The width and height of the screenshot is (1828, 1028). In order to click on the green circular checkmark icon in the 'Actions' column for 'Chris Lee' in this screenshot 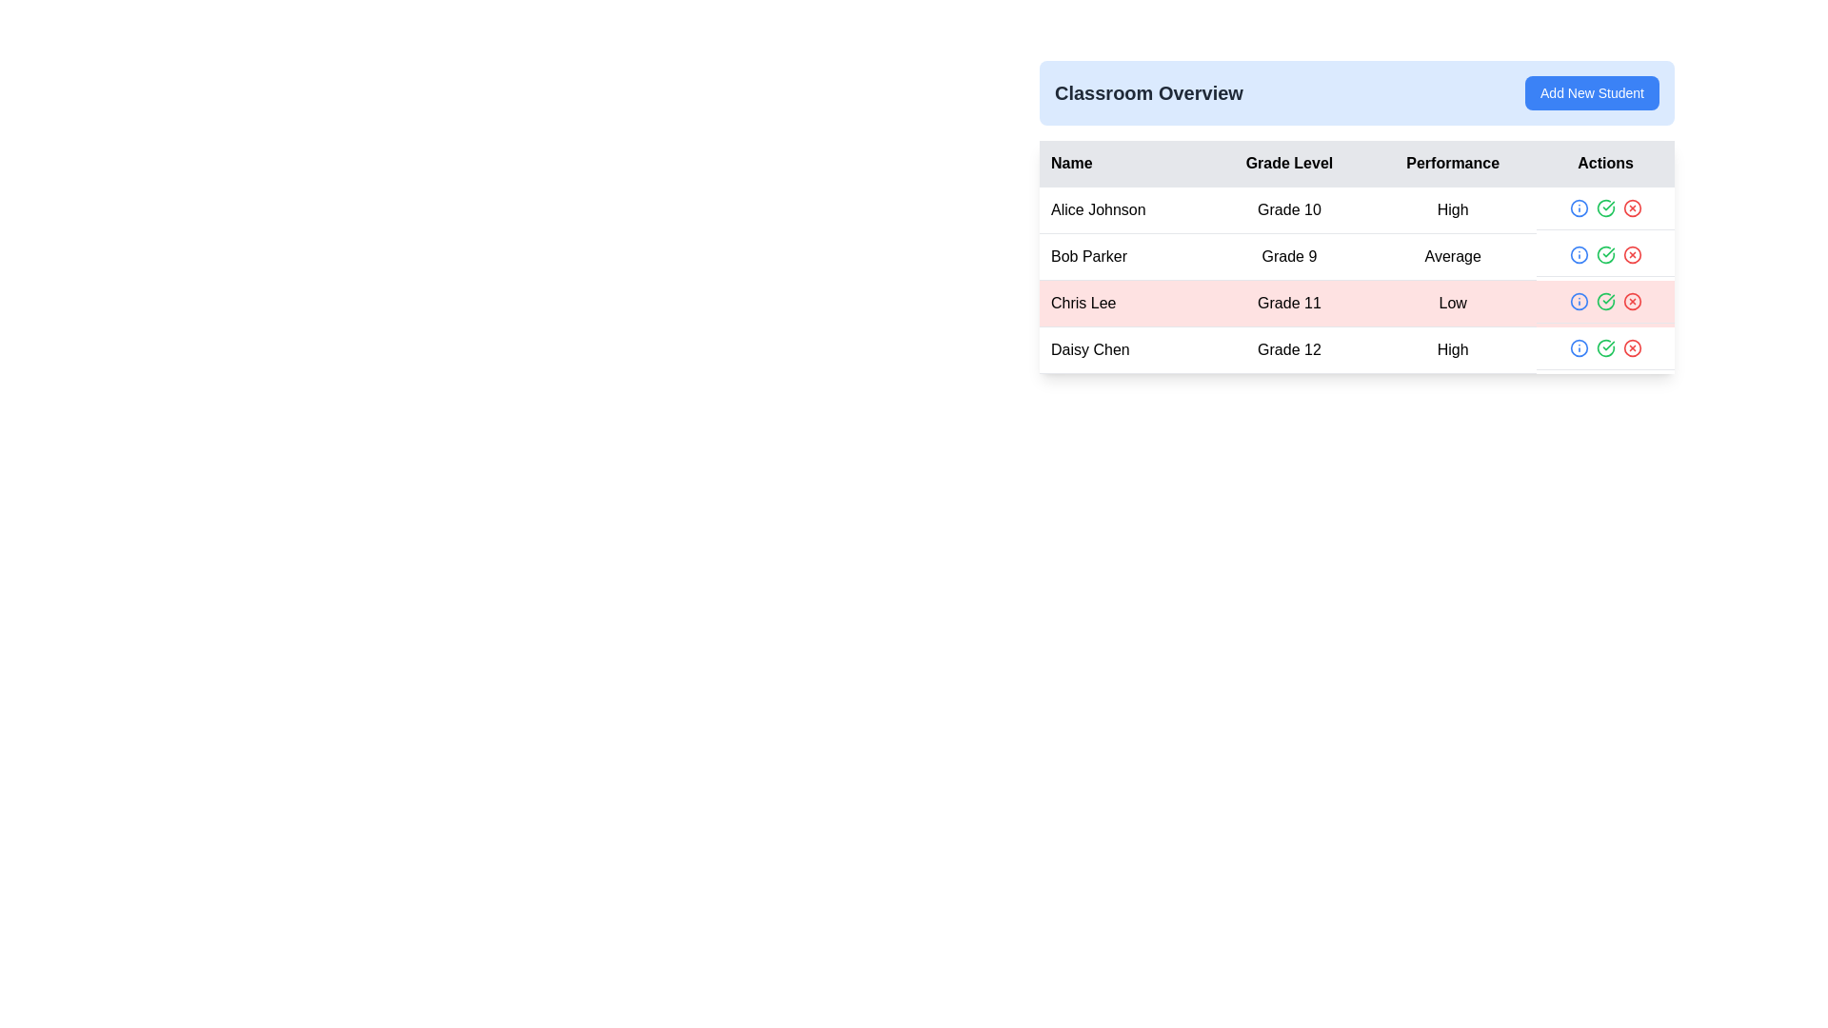, I will do `click(1604, 300)`.